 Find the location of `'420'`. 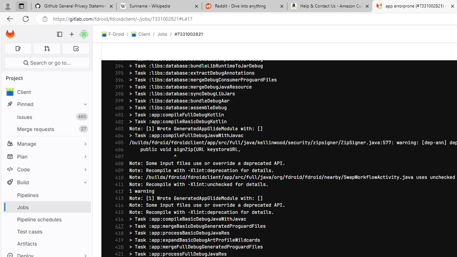

'420' is located at coordinates (117, 247).